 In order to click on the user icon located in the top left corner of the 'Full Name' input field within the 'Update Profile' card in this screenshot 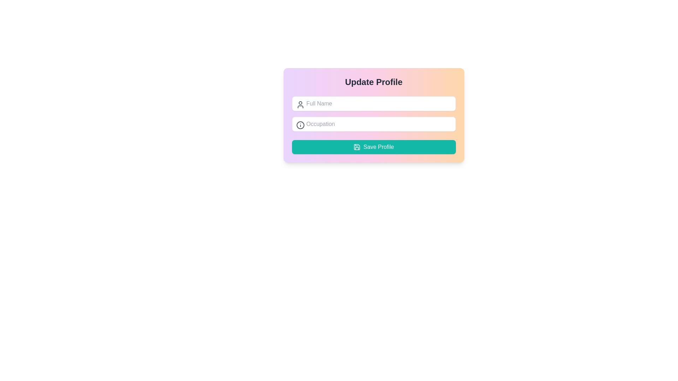, I will do `click(300, 105)`.